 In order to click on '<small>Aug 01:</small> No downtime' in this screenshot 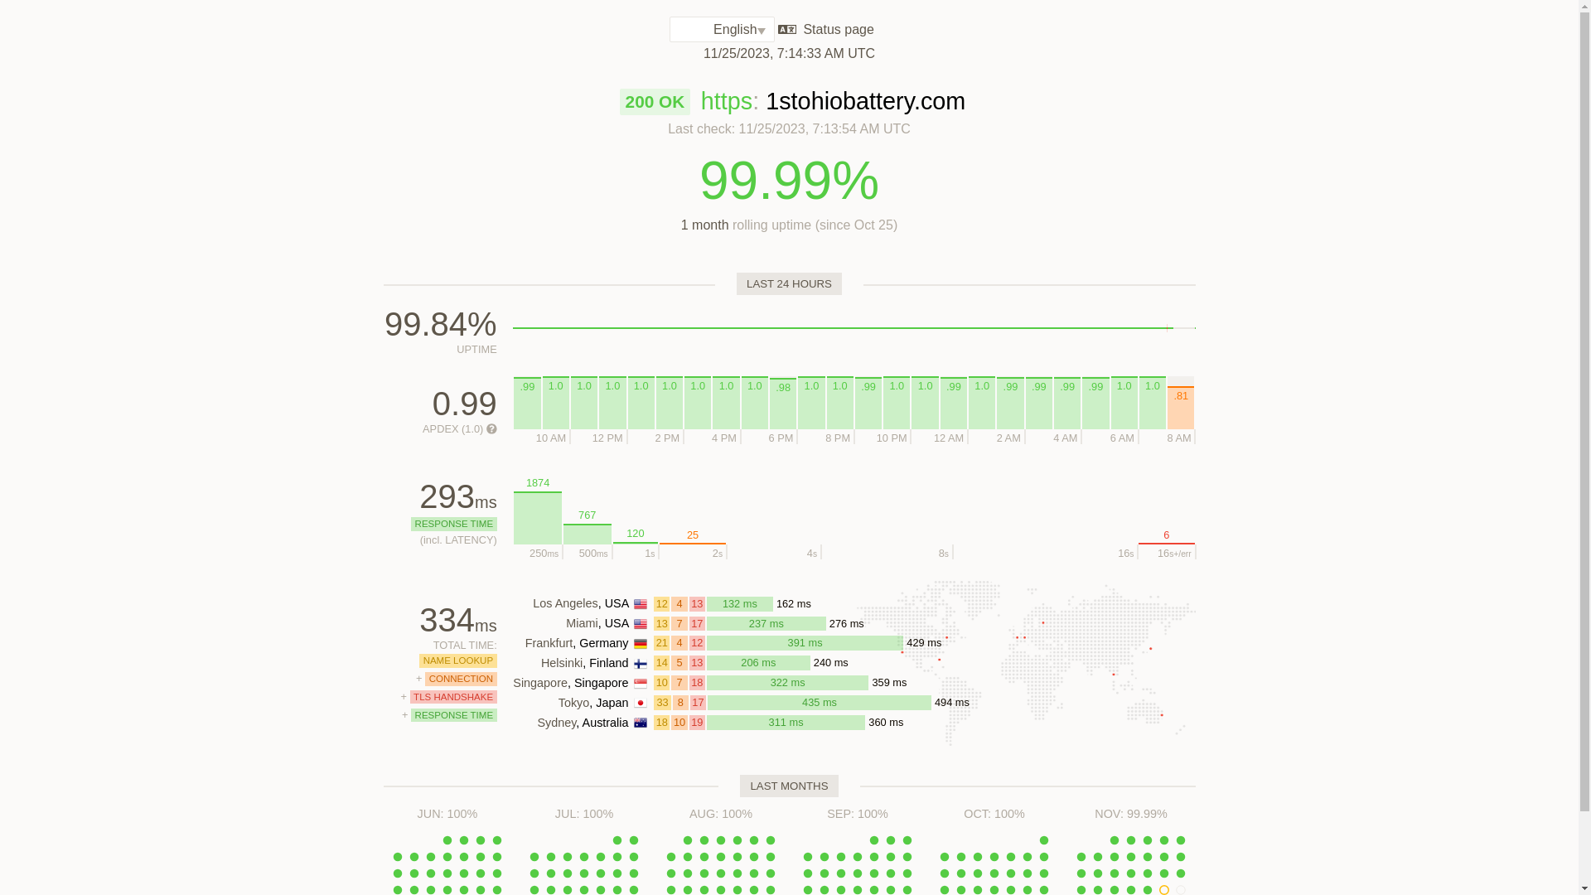, I will do `click(688, 840)`.